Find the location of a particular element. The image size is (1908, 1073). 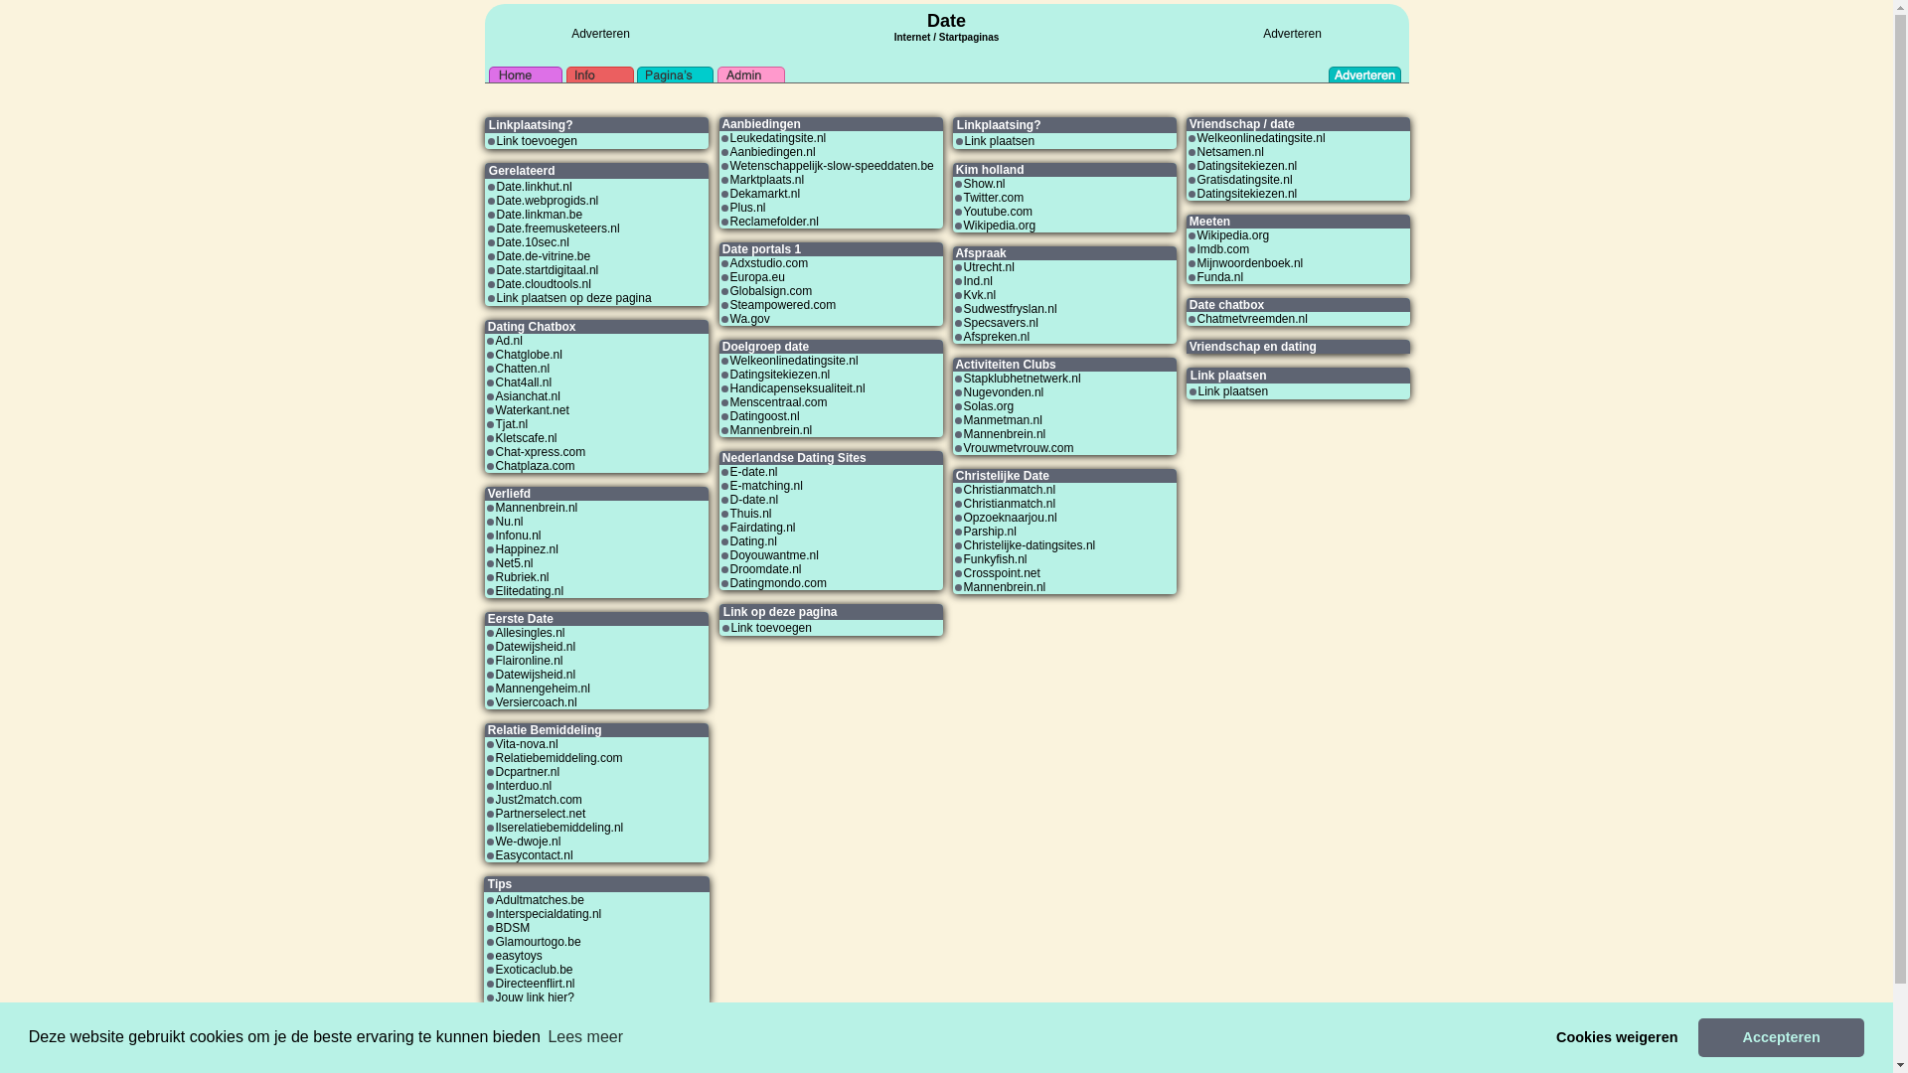

'Chatten.nl' is located at coordinates (522, 368).